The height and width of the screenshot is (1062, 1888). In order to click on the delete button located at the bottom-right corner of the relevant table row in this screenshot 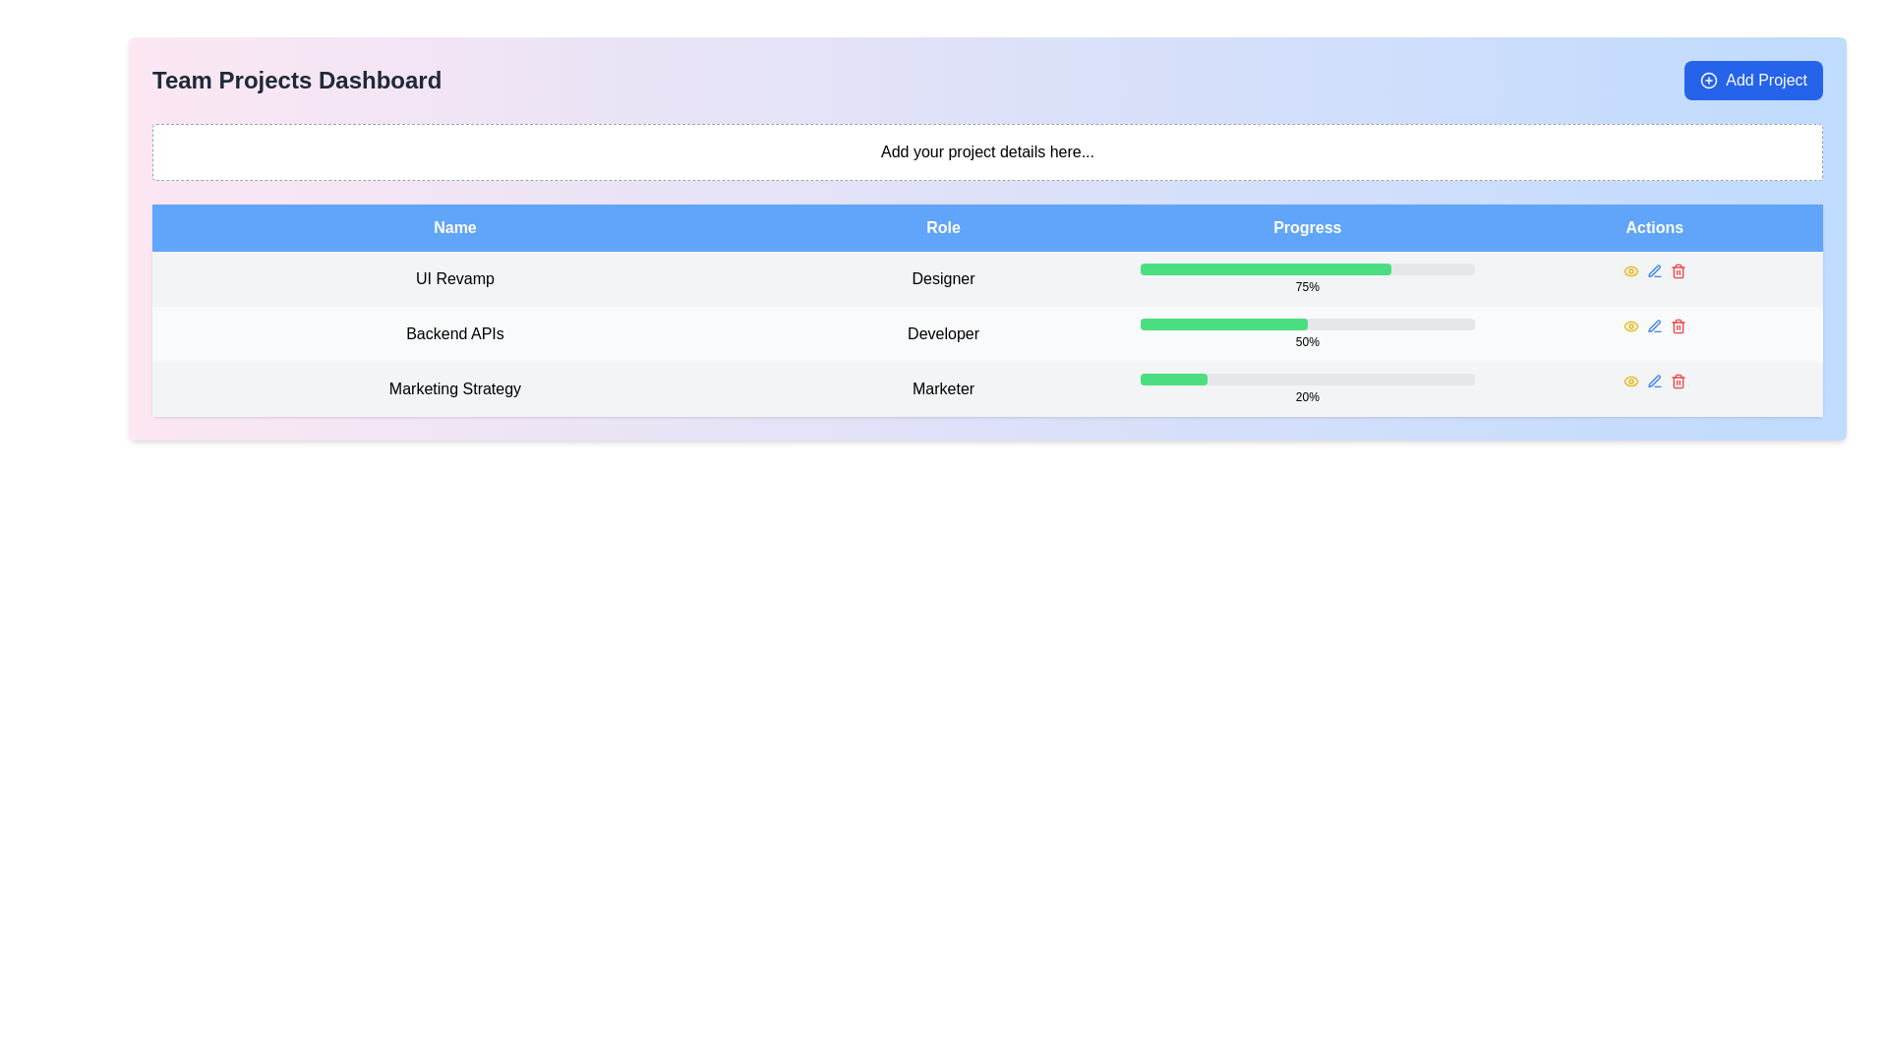, I will do `click(1677, 271)`.